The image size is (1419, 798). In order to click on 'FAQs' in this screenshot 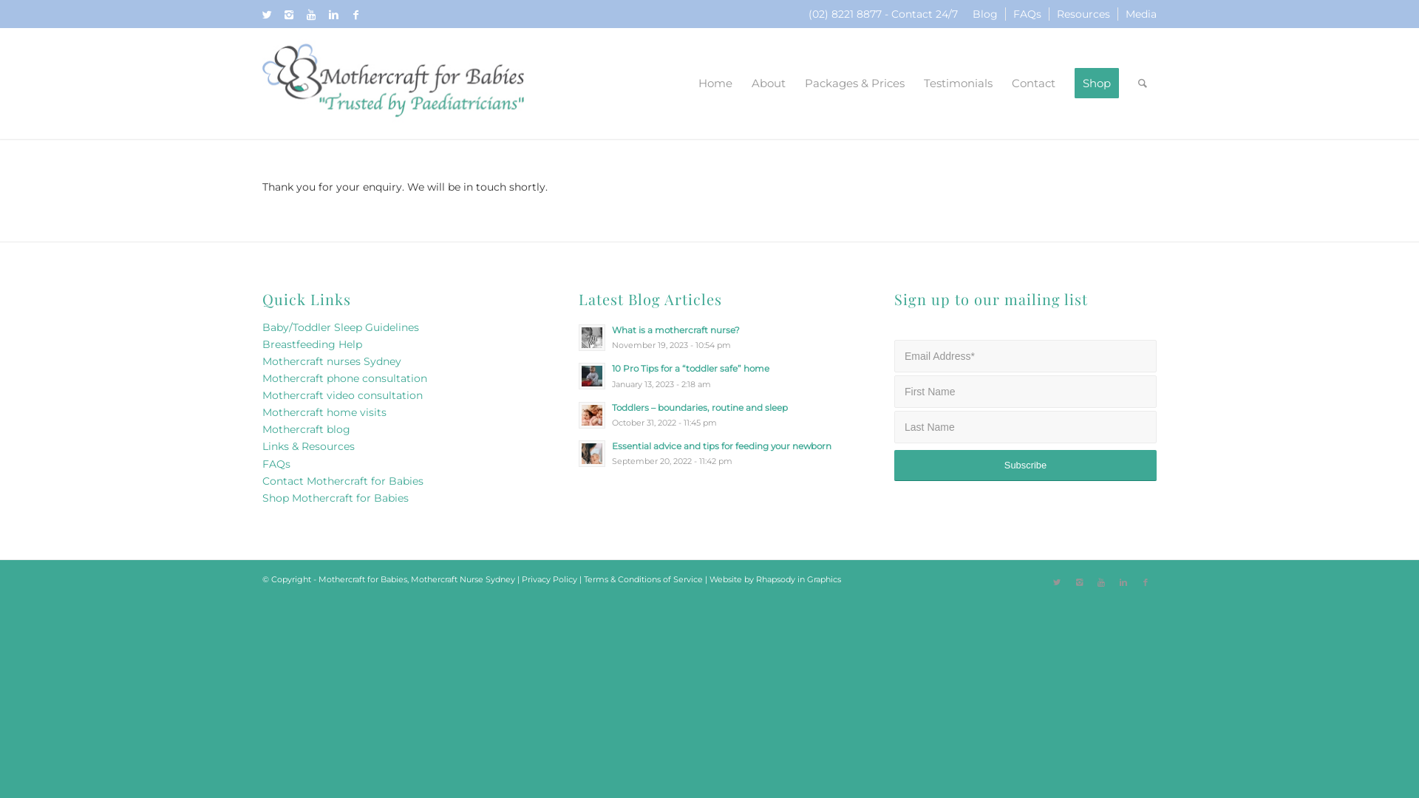, I will do `click(1027, 14)`.